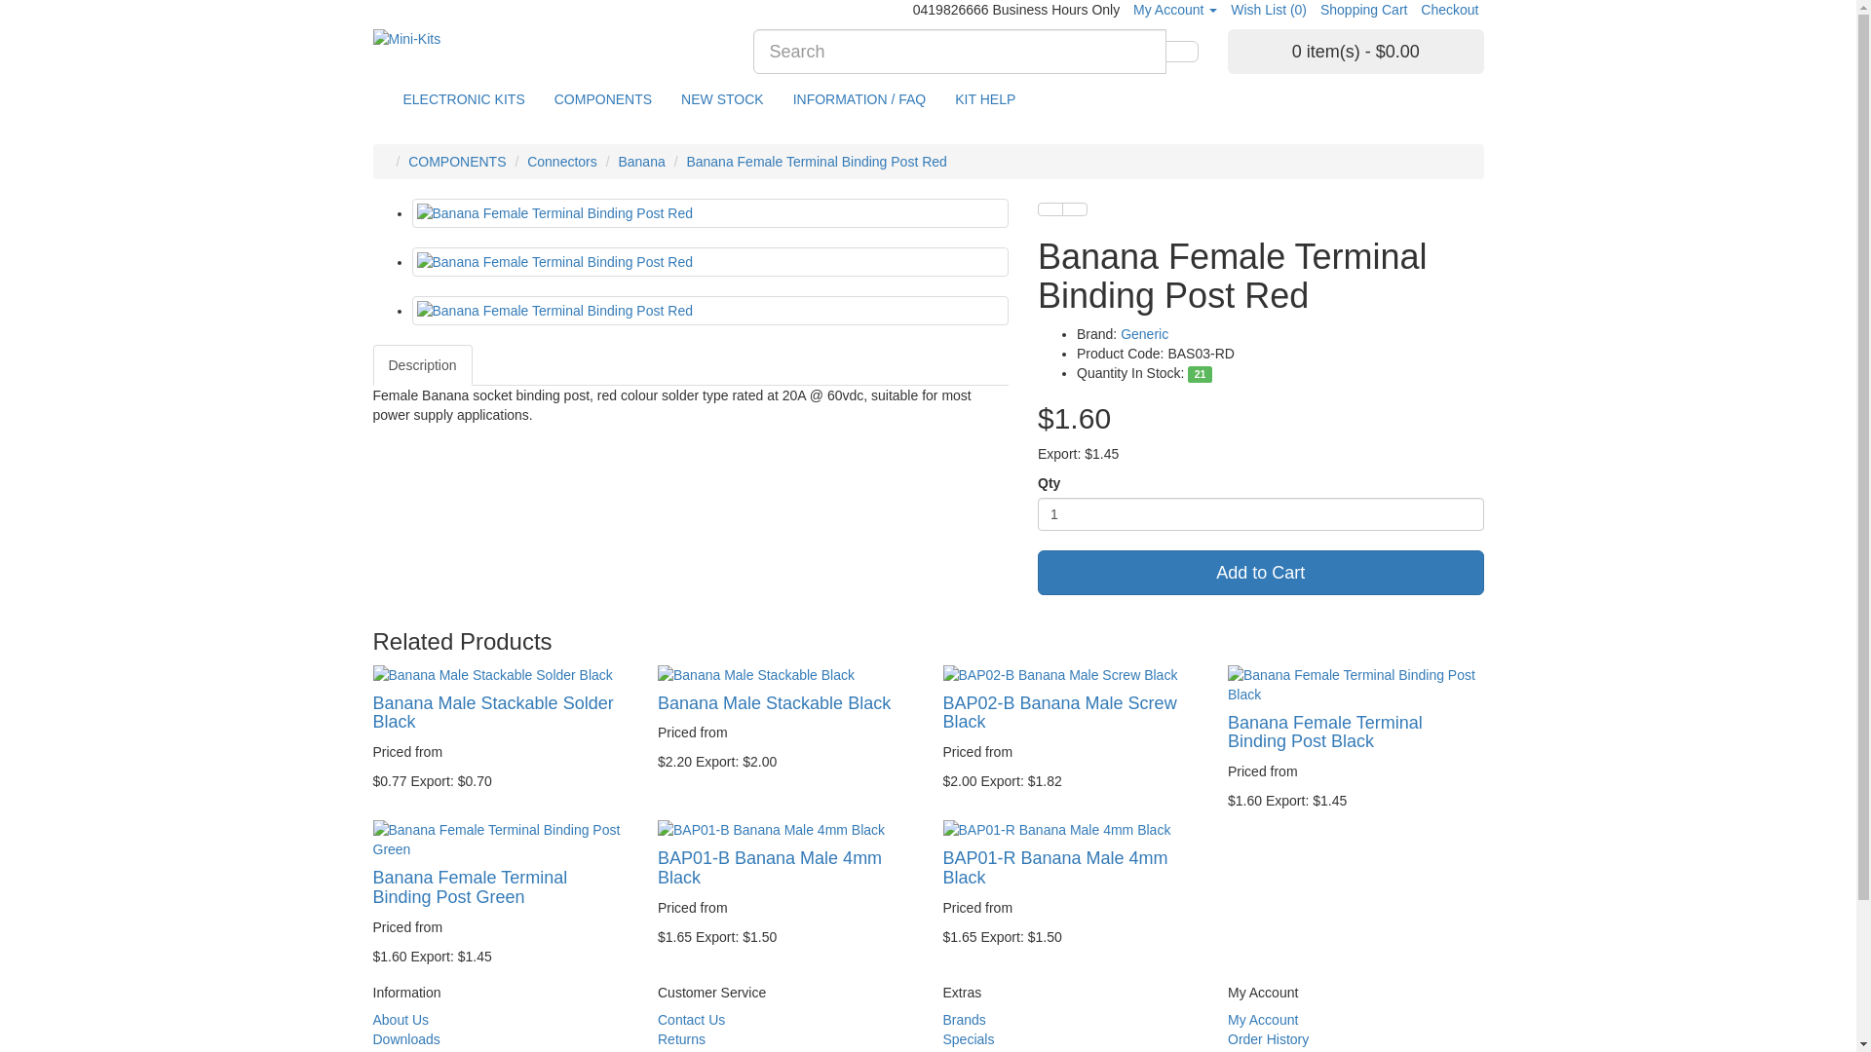  Describe the element at coordinates (406, 160) in the screenshot. I see `'COMPONENTS'` at that location.